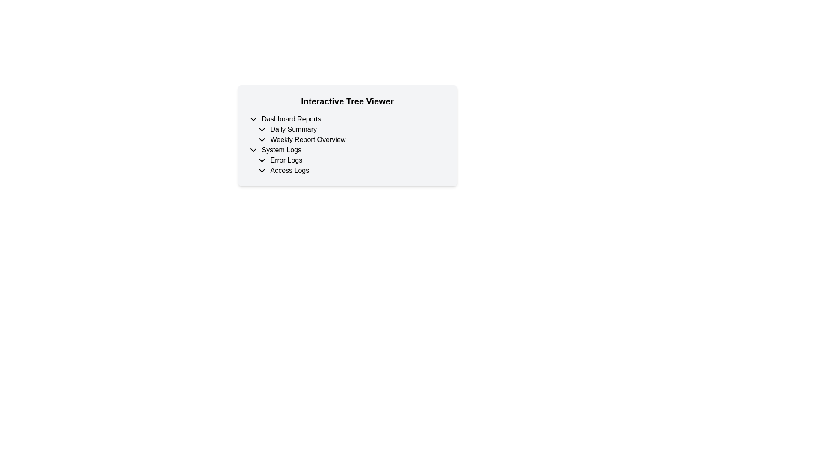  I want to click on the 'Weekly Report Overview' navigational menu item to expand or collapse its sub-options, so click(347, 139).